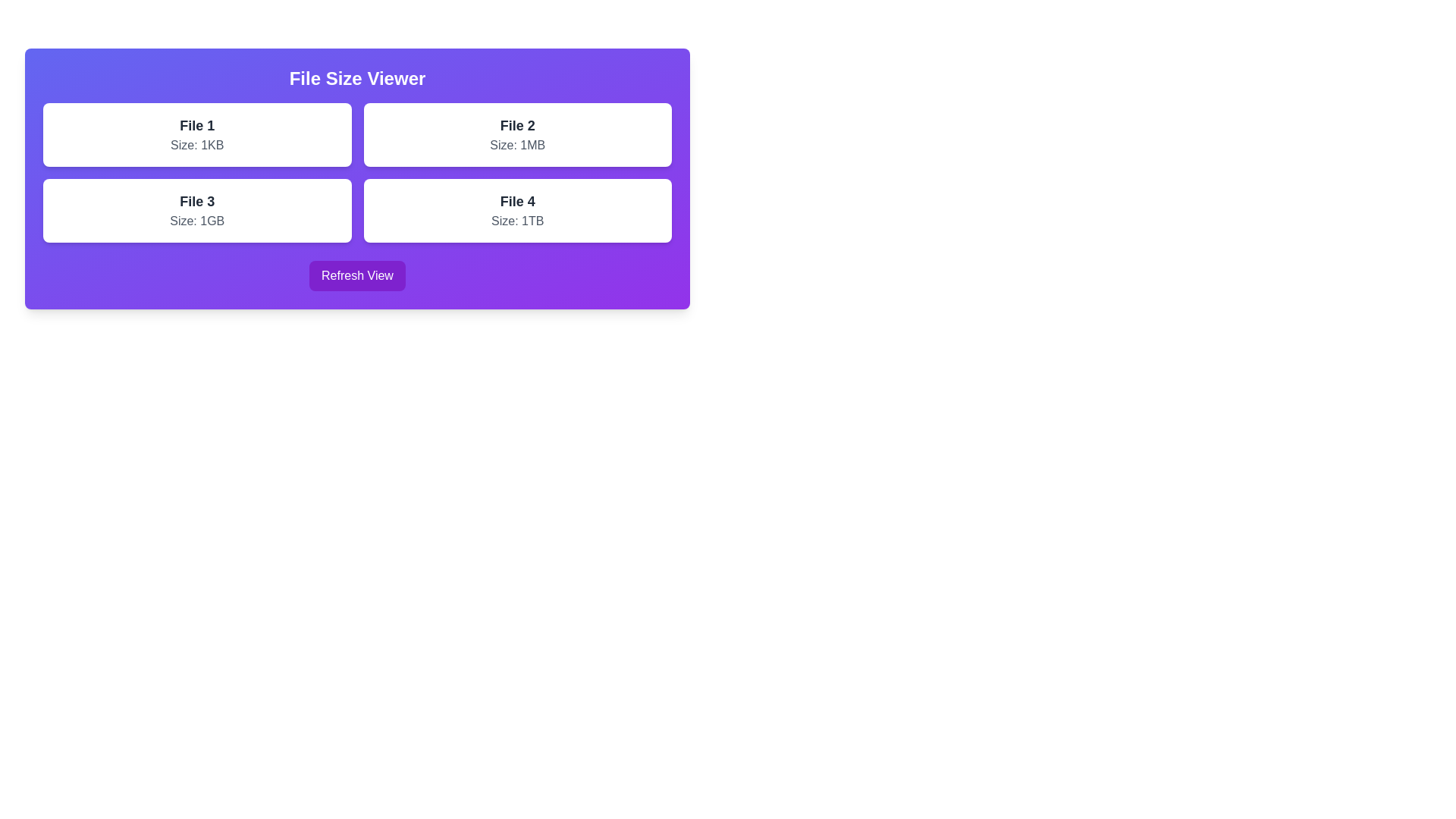 This screenshot has width=1456, height=819. Describe the element at coordinates (196, 201) in the screenshot. I see `around the bold, centered text label displaying 'File 3' located in the lower-left quadrant of the interface` at that location.